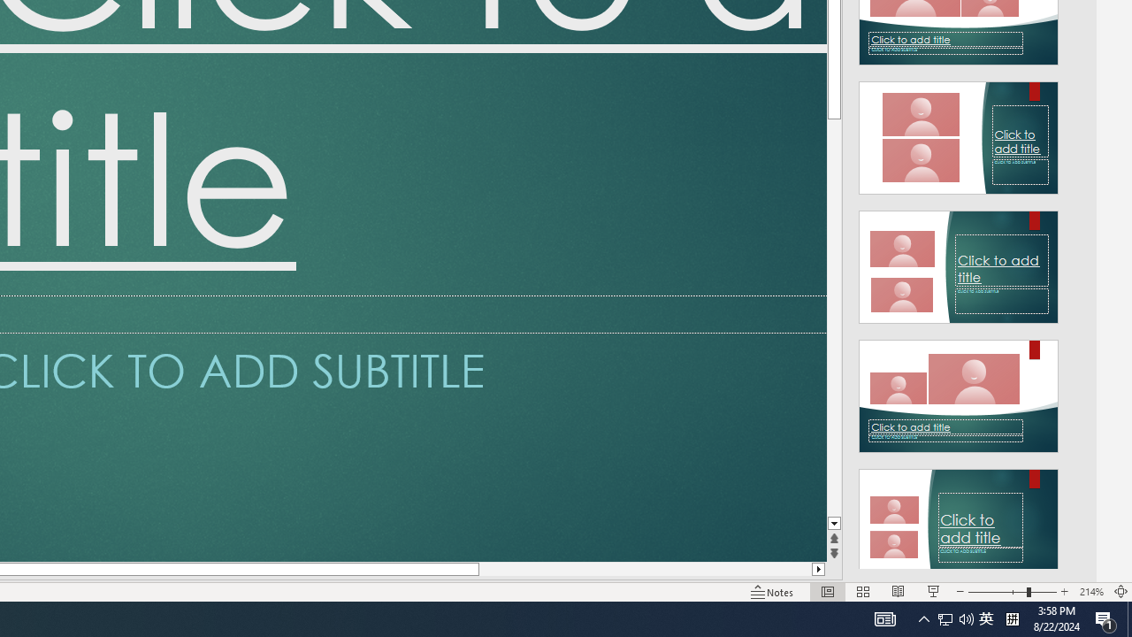 This screenshot has height=637, width=1132. Describe the element at coordinates (833, 523) in the screenshot. I see `'Line down'` at that location.